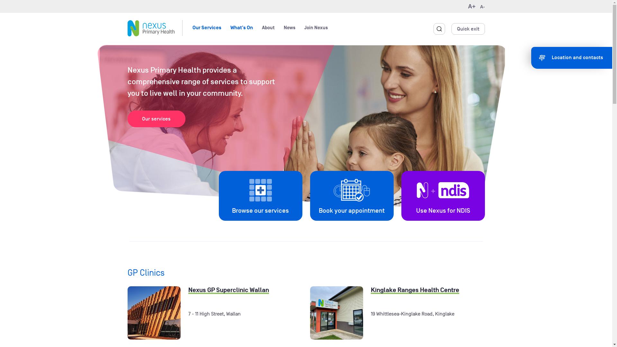 The width and height of the screenshot is (617, 347). What do you see at coordinates (347, 195) in the screenshot?
I see `'Book your appointment'` at bounding box center [347, 195].